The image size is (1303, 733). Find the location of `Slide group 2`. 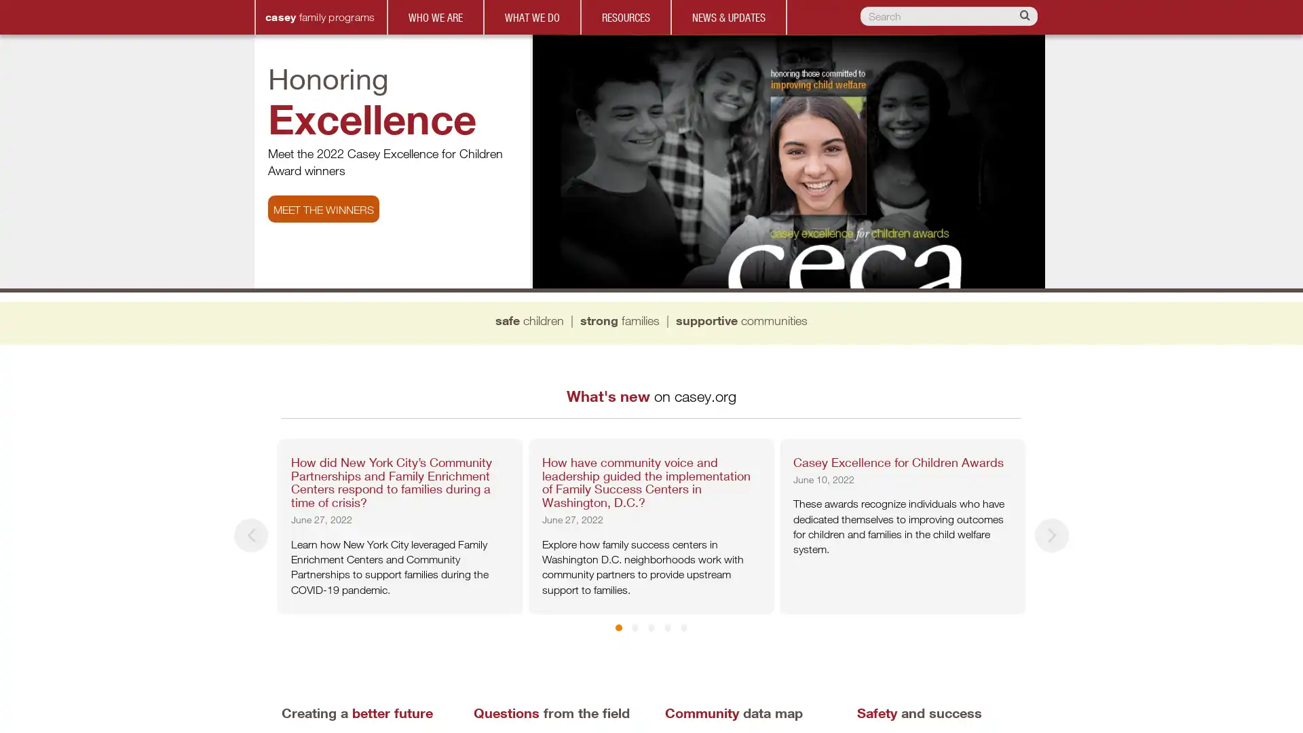

Slide group 2 is located at coordinates (643, 628).